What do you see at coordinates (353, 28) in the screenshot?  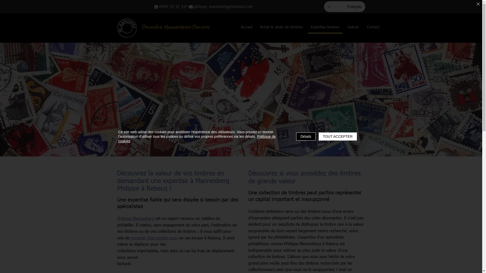 I see `'Galerie'` at bounding box center [353, 28].